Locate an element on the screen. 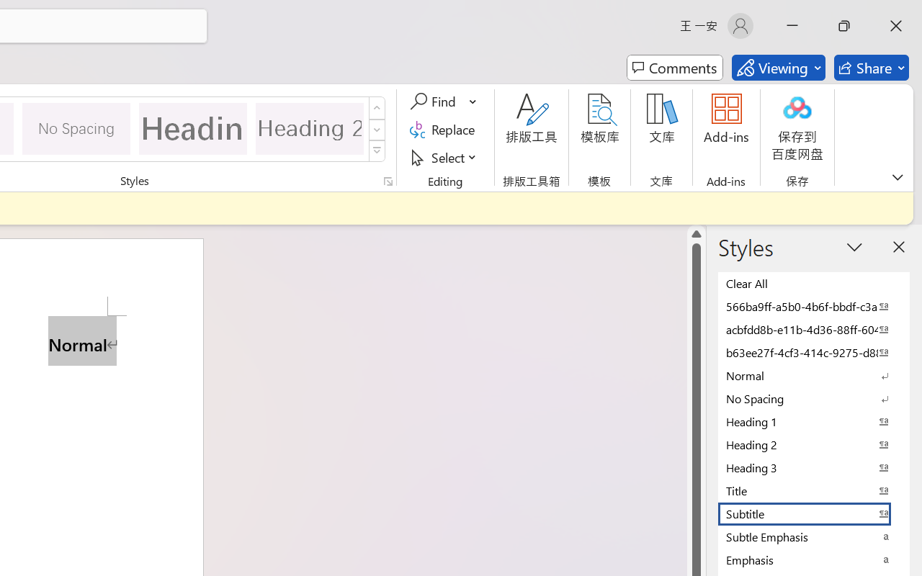 The height and width of the screenshot is (576, 922). 'Select' is located at coordinates (444, 157).